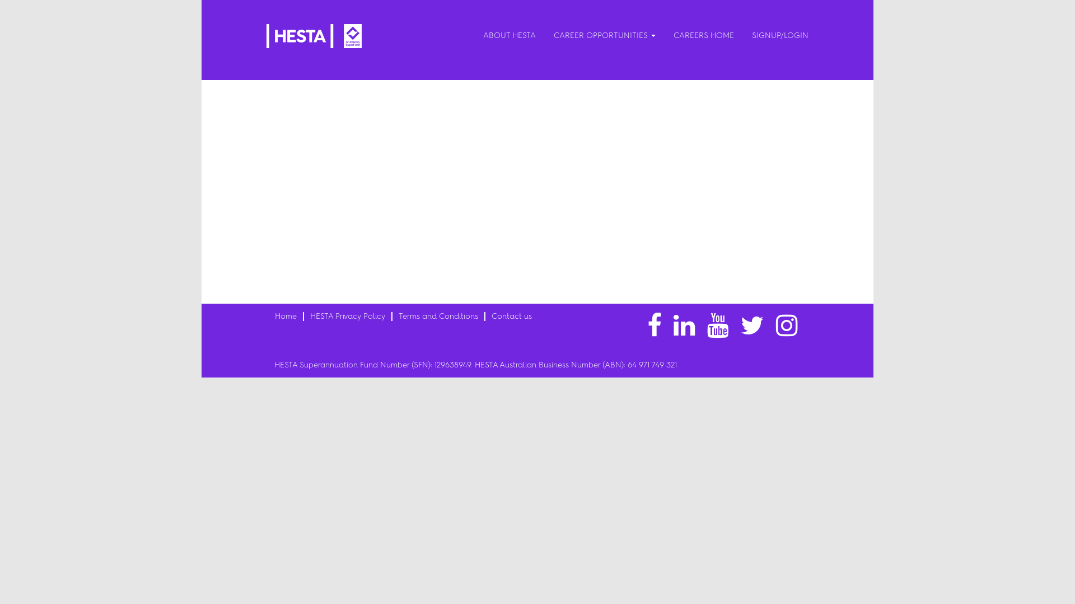 This screenshot has width=1075, height=604. I want to click on 'instagram', so click(786, 325).